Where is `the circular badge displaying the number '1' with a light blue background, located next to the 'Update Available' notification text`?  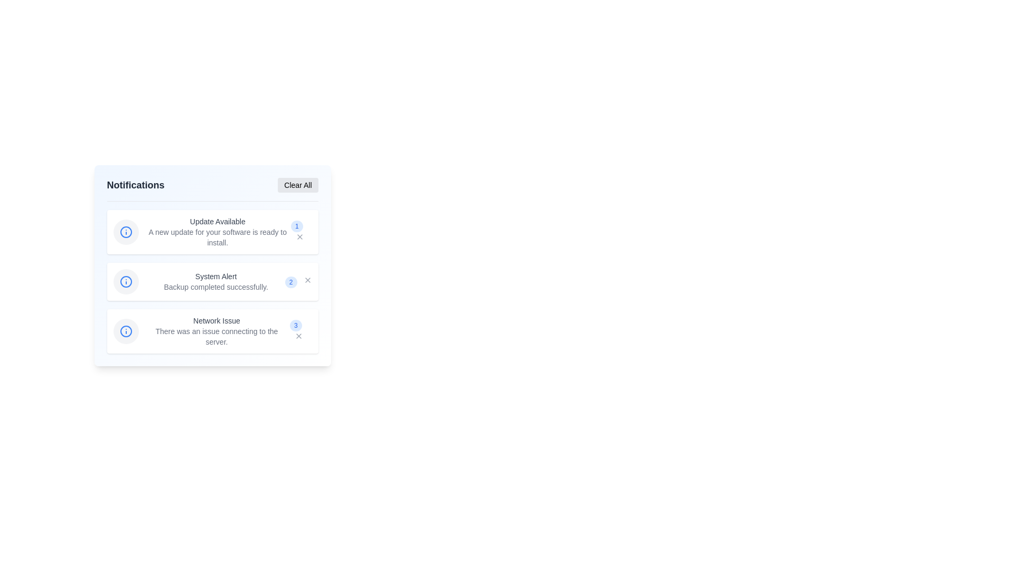
the circular badge displaying the number '1' with a light blue background, located next to the 'Update Available' notification text is located at coordinates (299, 231).